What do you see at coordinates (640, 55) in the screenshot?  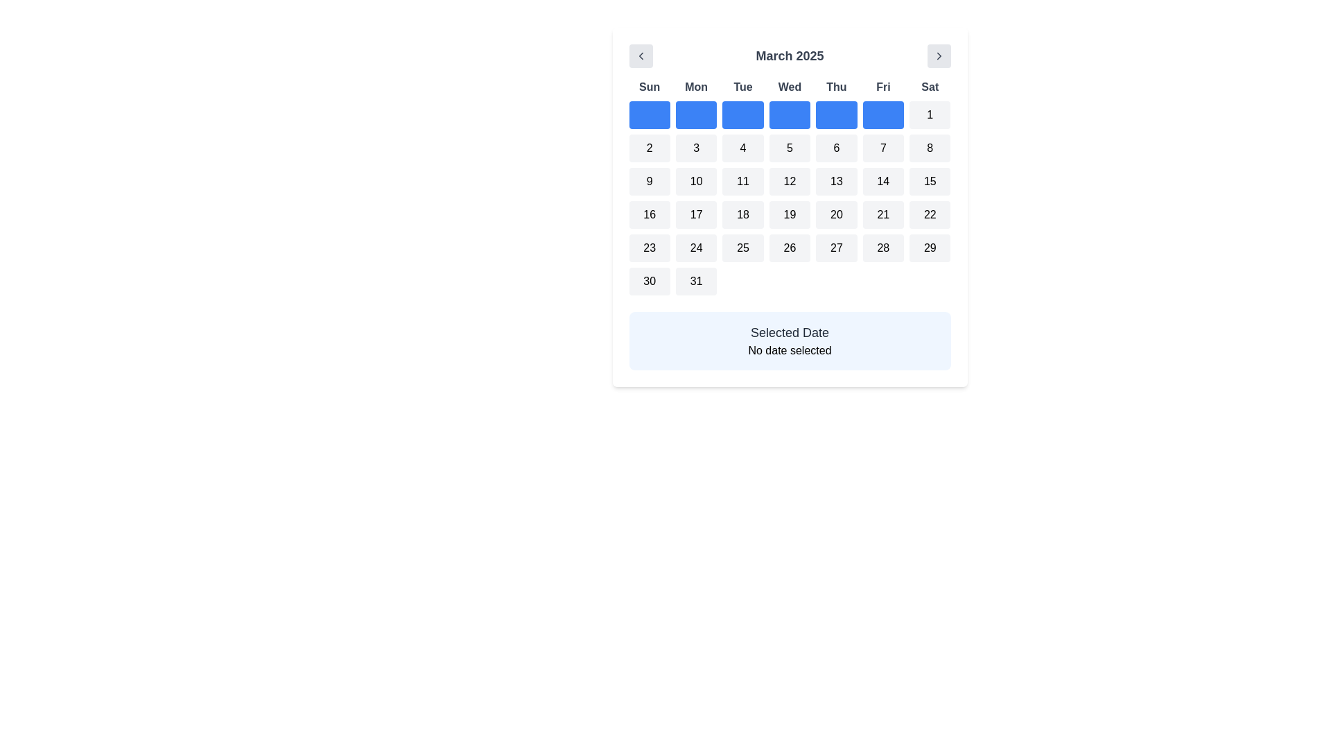 I see `the leftward chevron icon, which is part of a navigation control above the calendar display, to trigger an action hint` at bounding box center [640, 55].